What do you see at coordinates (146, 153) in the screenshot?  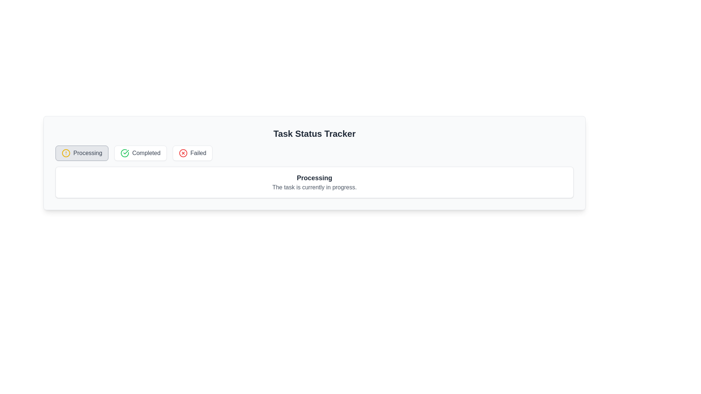 I see `the 'Completed' text label, which indicates task completion status and is centrally located within its button-like region` at bounding box center [146, 153].